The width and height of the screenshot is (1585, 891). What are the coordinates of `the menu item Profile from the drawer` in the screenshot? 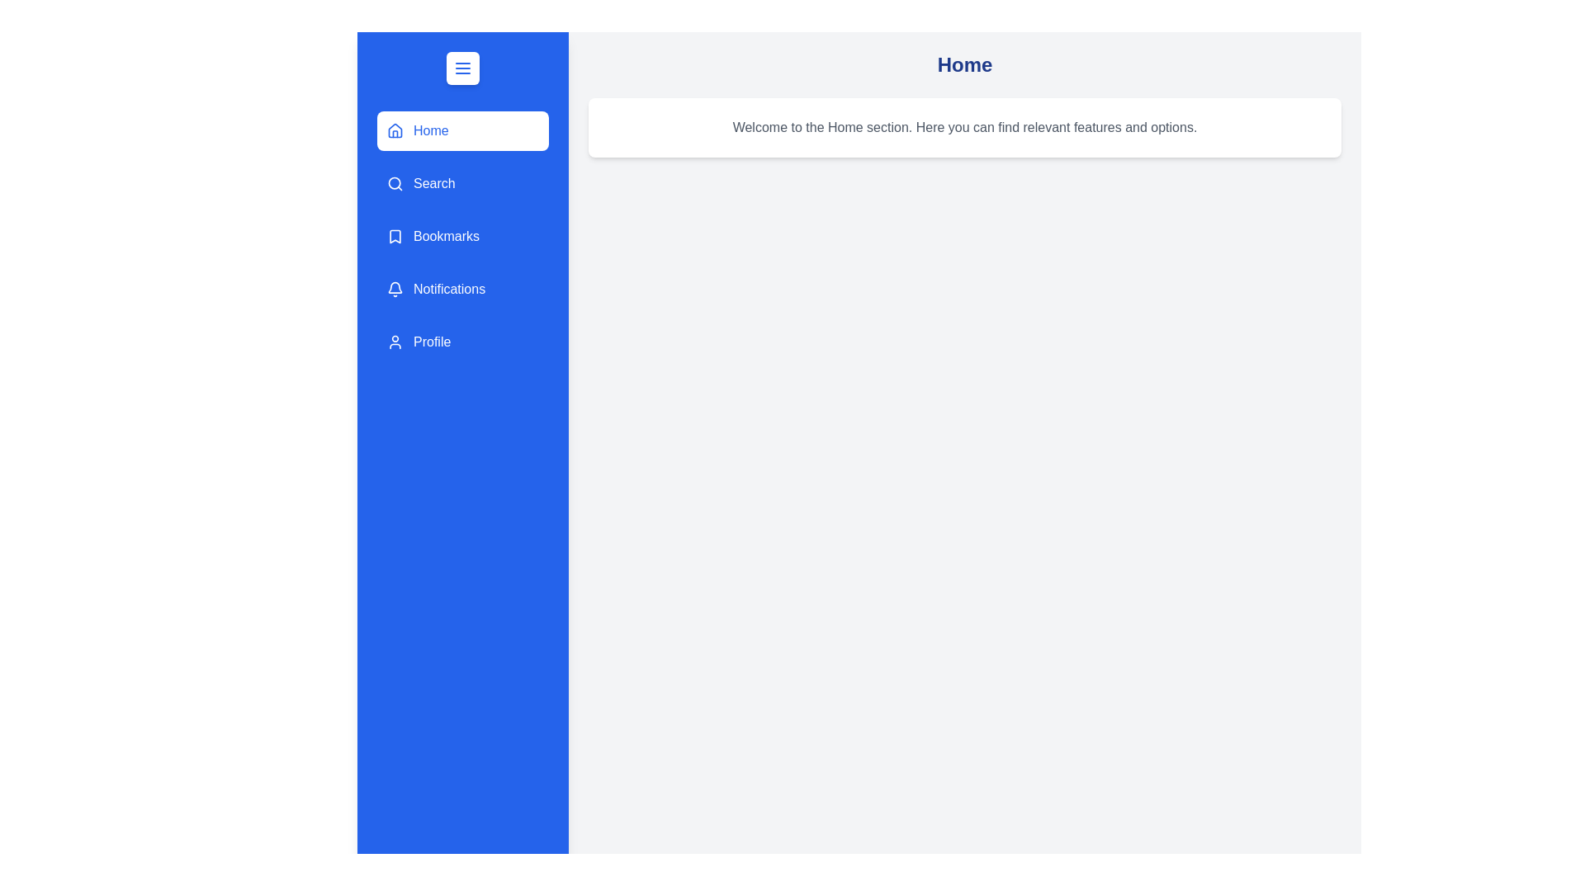 It's located at (462, 342).